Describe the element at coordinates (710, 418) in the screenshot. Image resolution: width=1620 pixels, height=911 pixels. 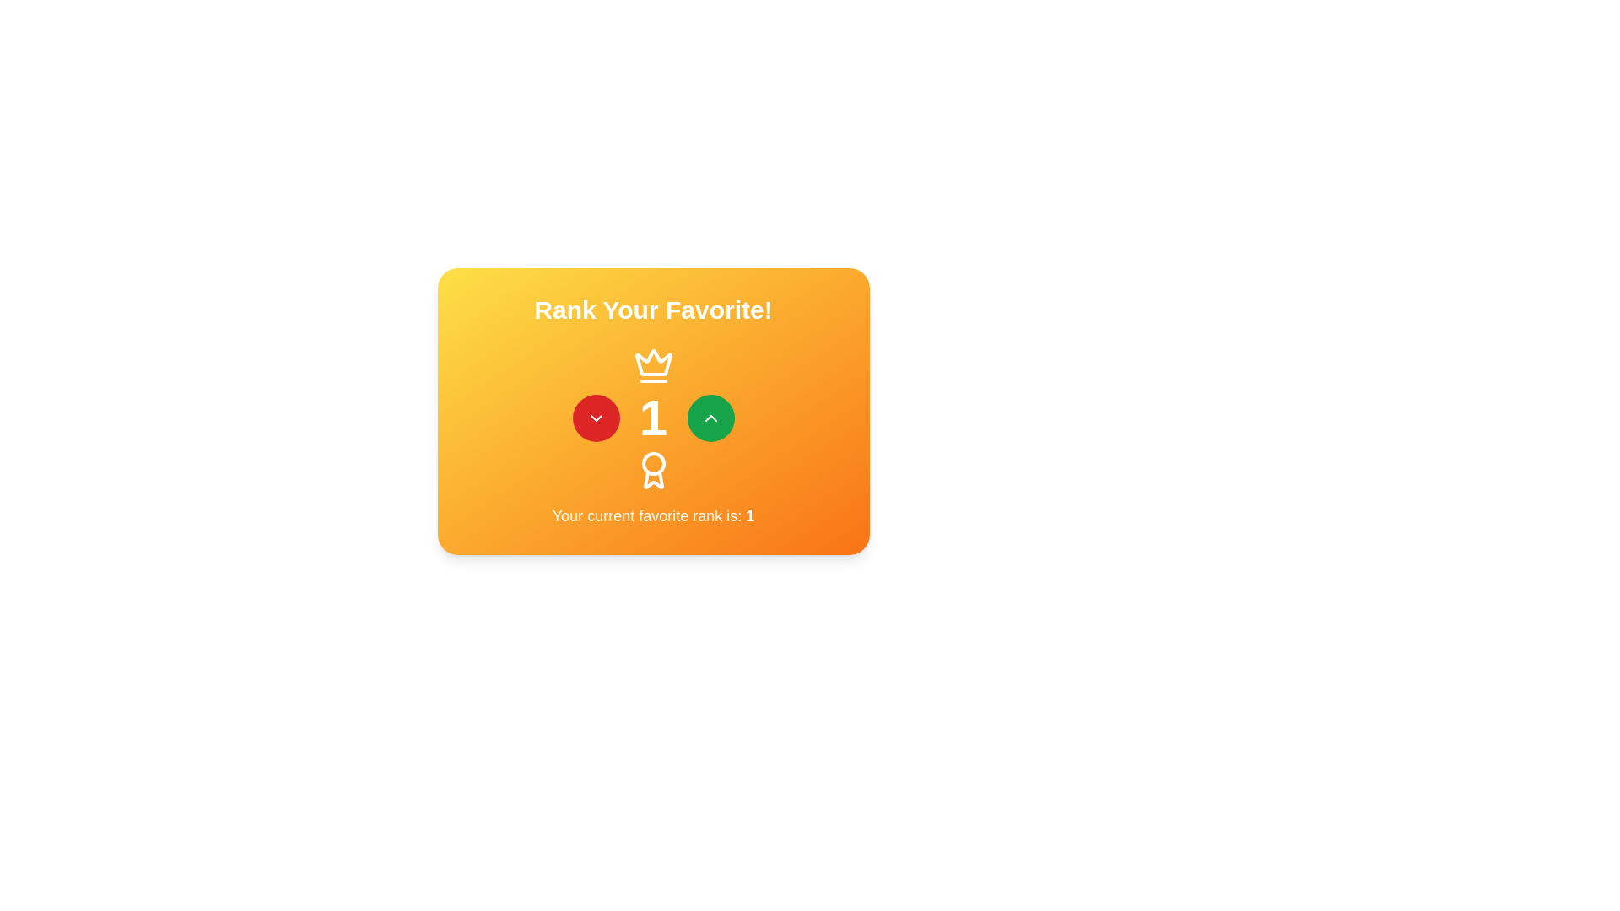
I see `the button located to the right of the digit '1', which is used to increase the rank of the item, to change its color` at that location.